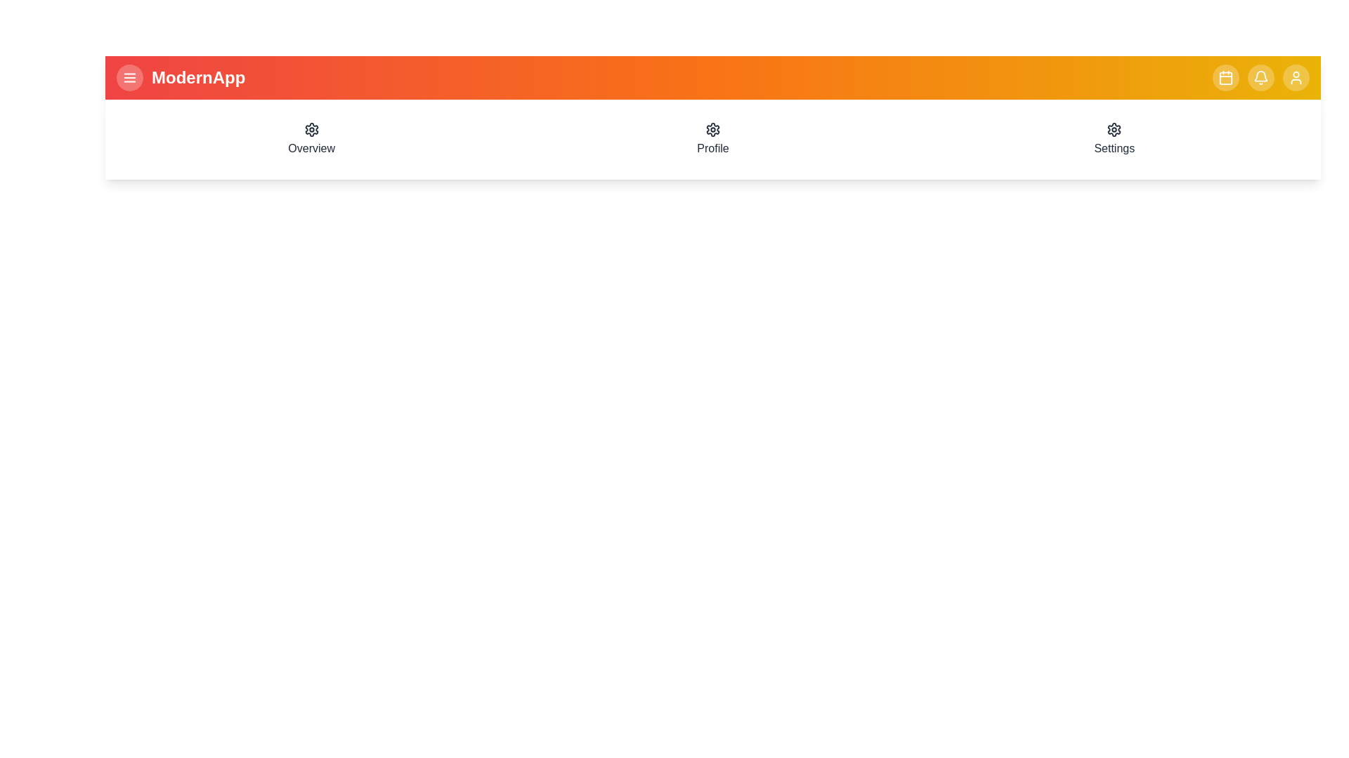 This screenshot has height=758, width=1349. What do you see at coordinates (1114, 140) in the screenshot?
I see `the navigation menu item Settings` at bounding box center [1114, 140].